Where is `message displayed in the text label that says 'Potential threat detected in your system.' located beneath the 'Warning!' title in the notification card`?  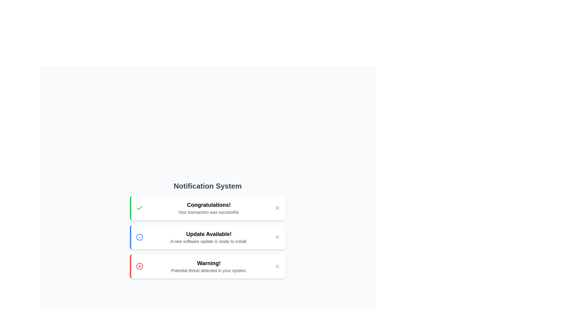
message displayed in the text label that says 'Potential threat detected in your system.' located beneath the 'Warning!' title in the notification card is located at coordinates (209, 270).